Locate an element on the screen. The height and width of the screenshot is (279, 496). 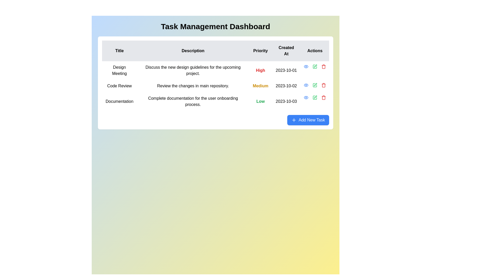
the text label displaying 'Created At' in the header row of the table, which is located between the 'Priority' and 'Actions' headers is located at coordinates (286, 51).